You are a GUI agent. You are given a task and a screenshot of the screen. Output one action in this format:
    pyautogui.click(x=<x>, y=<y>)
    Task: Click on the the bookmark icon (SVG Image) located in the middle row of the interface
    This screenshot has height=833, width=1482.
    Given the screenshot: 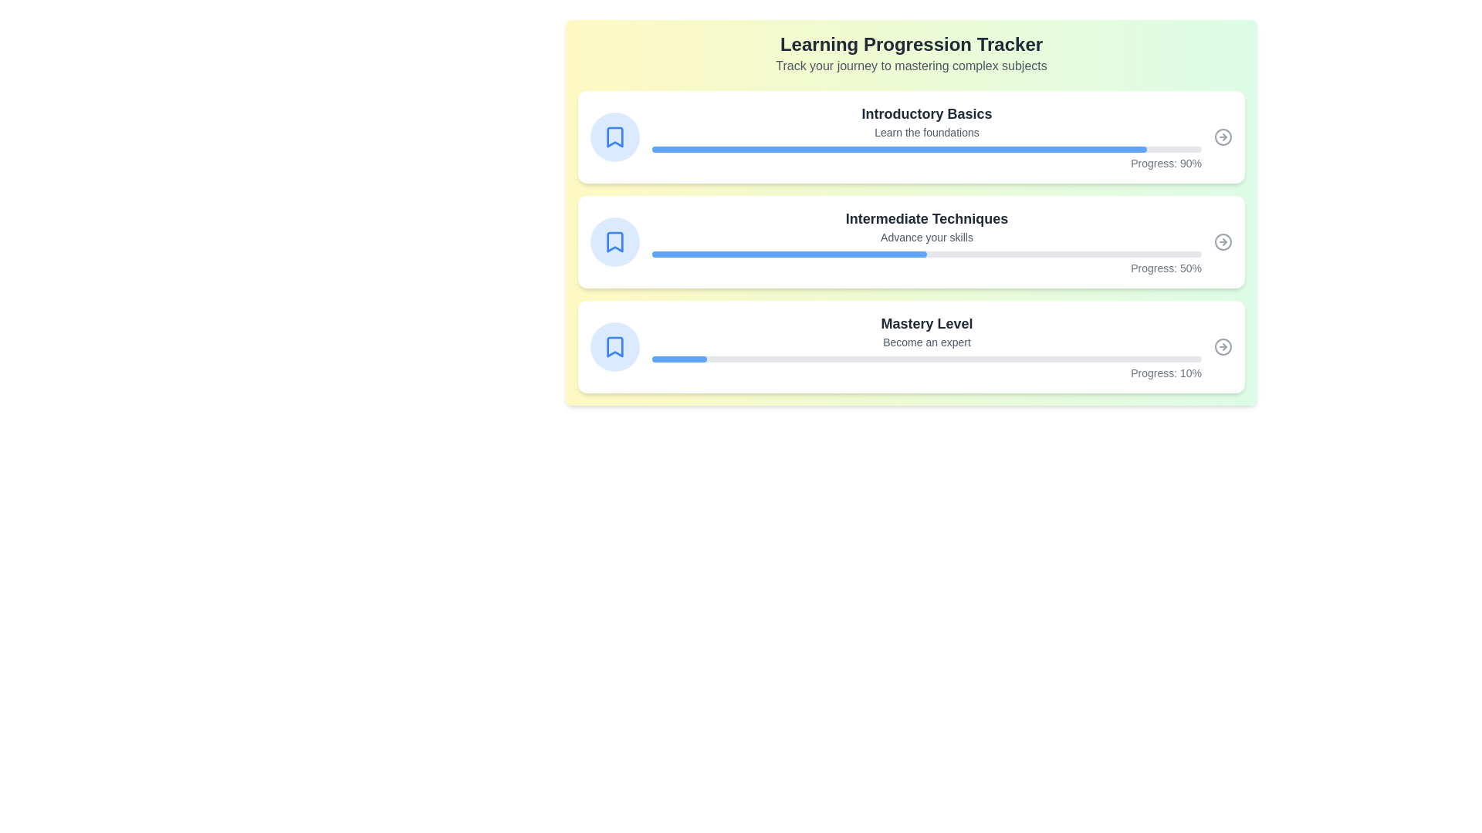 What is the action you would take?
    pyautogui.click(x=614, y=241)
    